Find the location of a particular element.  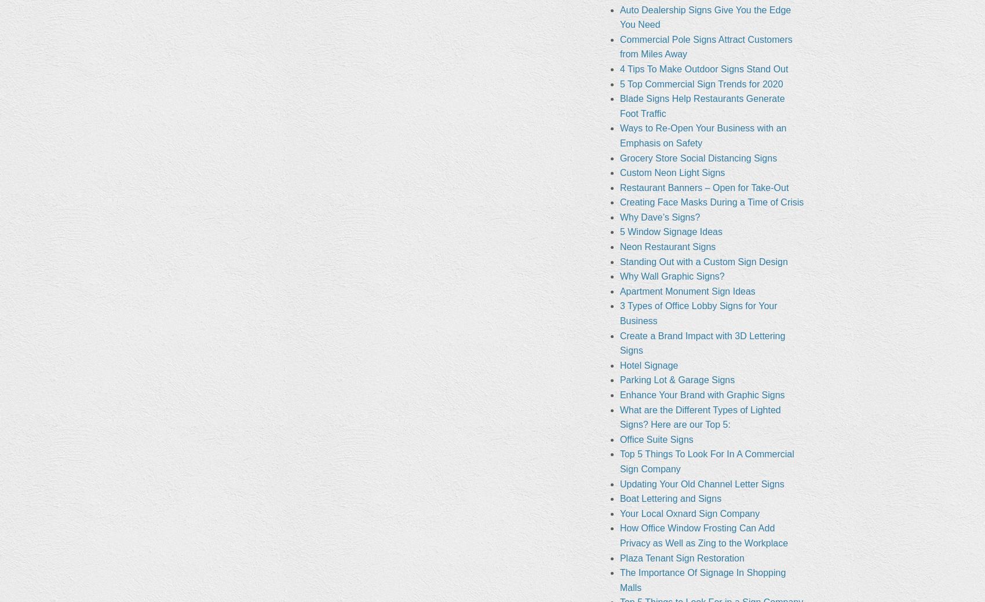

'Plaza Tenant Sign Restoration' is located at coordinates (681, 557).